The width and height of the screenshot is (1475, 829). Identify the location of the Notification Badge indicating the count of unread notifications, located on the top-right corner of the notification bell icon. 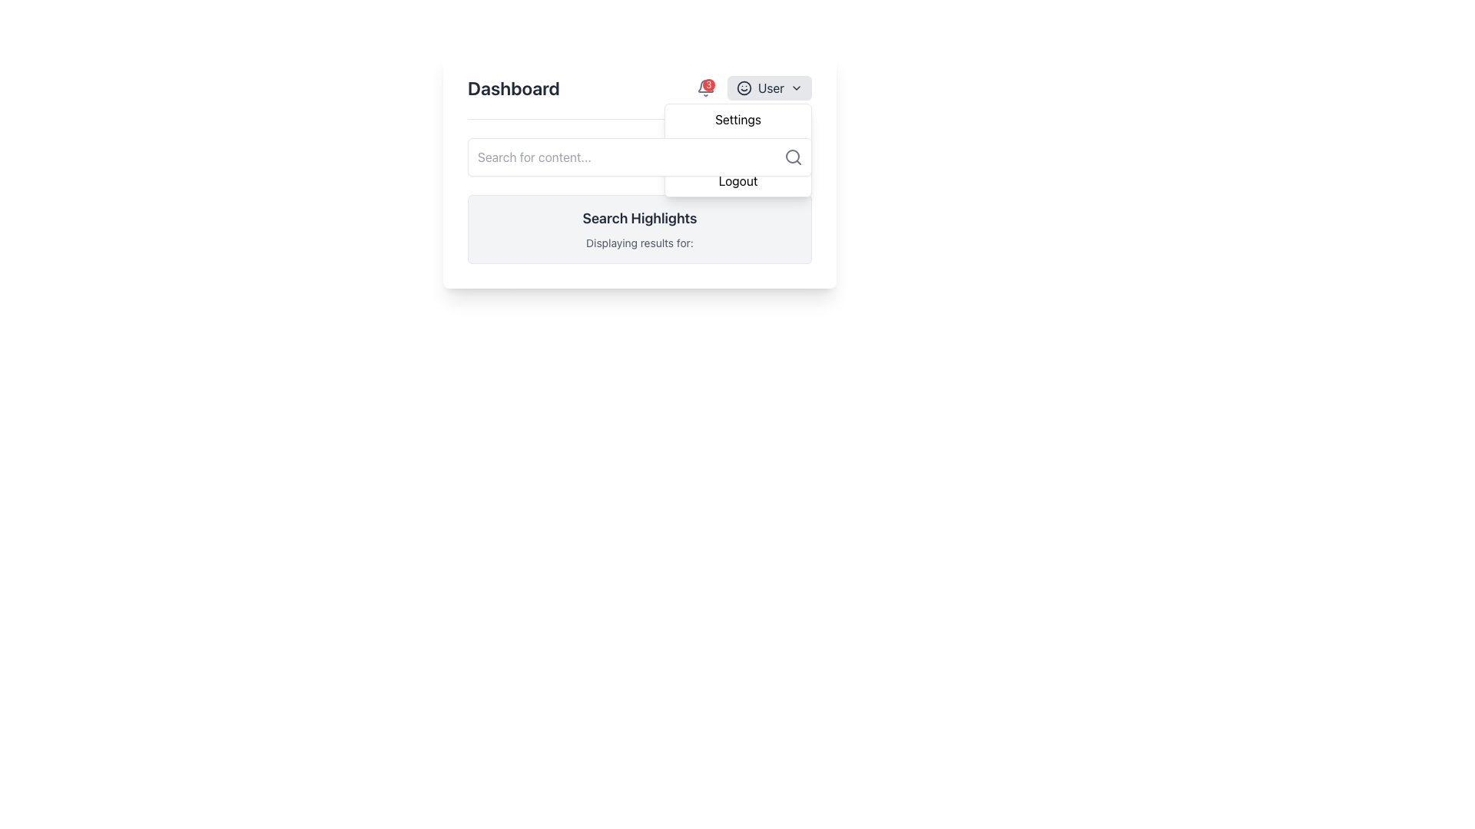
(708, 85).